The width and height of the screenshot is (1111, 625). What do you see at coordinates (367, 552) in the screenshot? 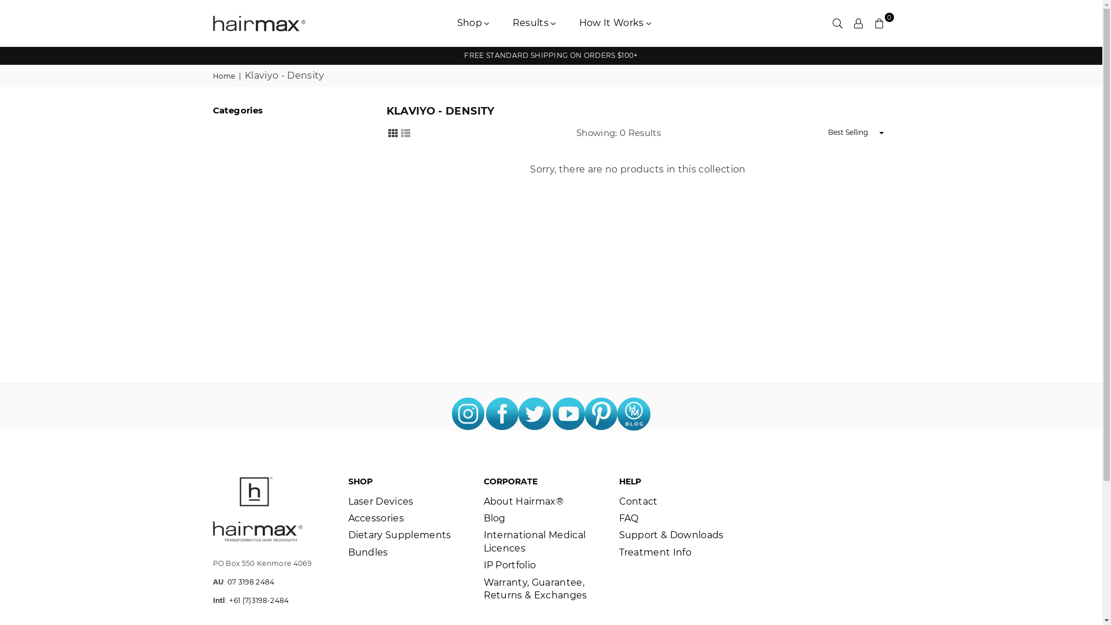
I see `'Bundles'` at bounding box center [367, 552].